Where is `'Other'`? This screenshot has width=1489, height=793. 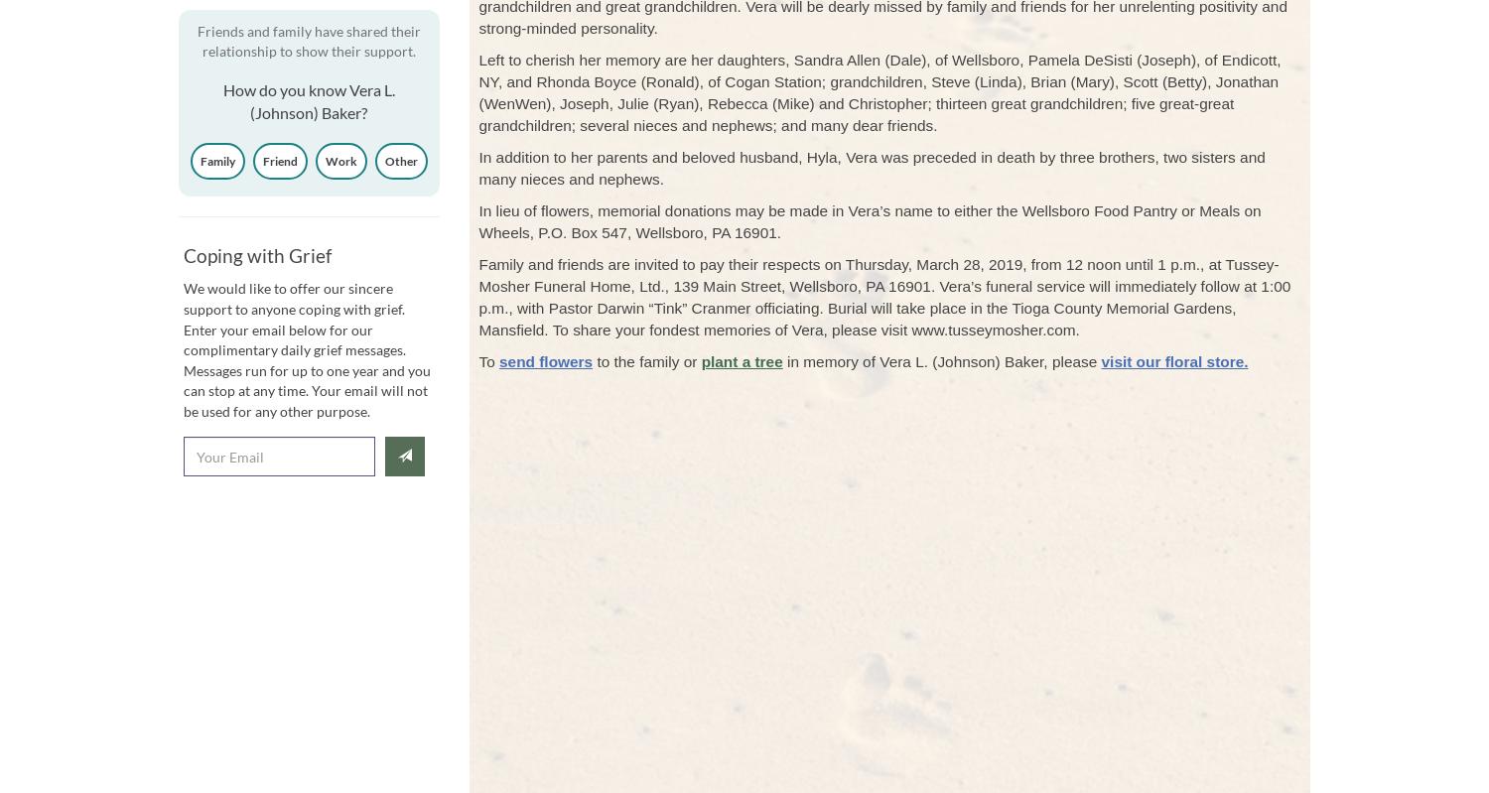 'Other' is located at coordinates (400, 159).